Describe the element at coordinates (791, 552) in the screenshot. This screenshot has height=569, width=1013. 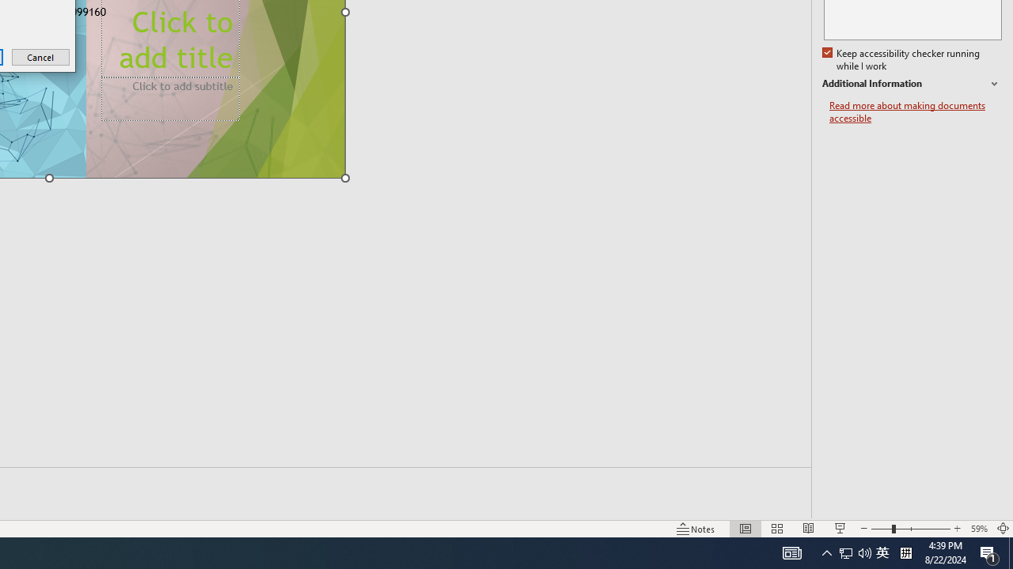
I see `'AutomationID: 4105'` at that location.